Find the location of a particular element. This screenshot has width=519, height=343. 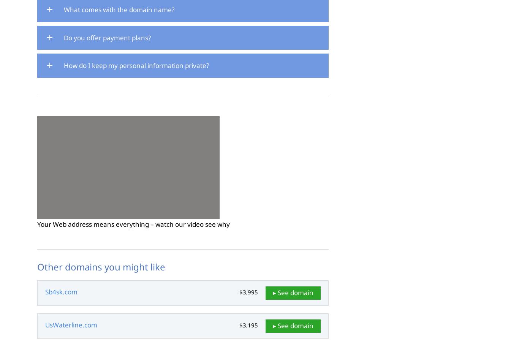

'UsWaterline.com' is located at coordinates (71, 325).